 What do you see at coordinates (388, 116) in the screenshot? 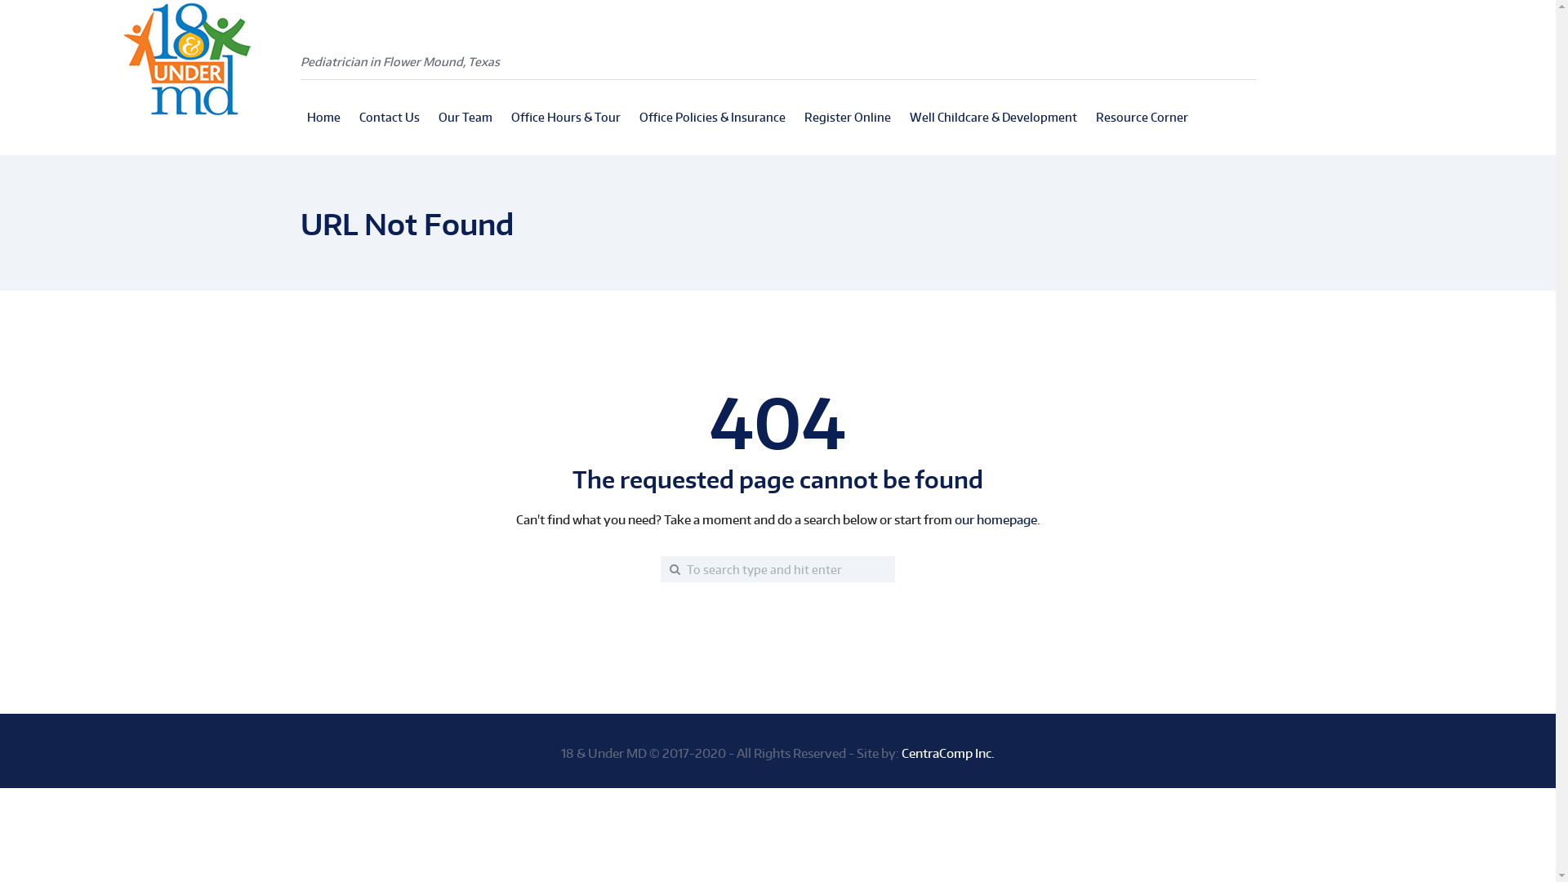
I see `'Contact Us'` at bounding box center [388, 116].